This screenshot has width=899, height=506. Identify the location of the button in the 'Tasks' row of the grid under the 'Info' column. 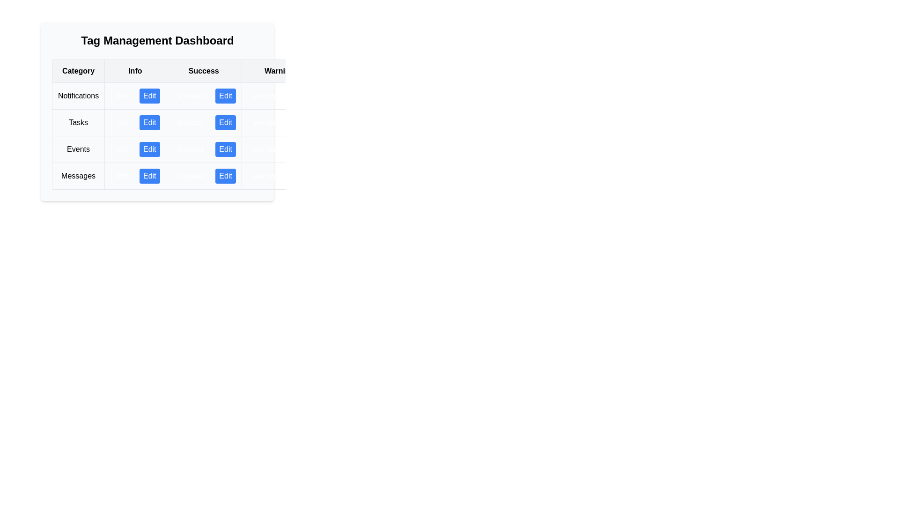
(149, 122).